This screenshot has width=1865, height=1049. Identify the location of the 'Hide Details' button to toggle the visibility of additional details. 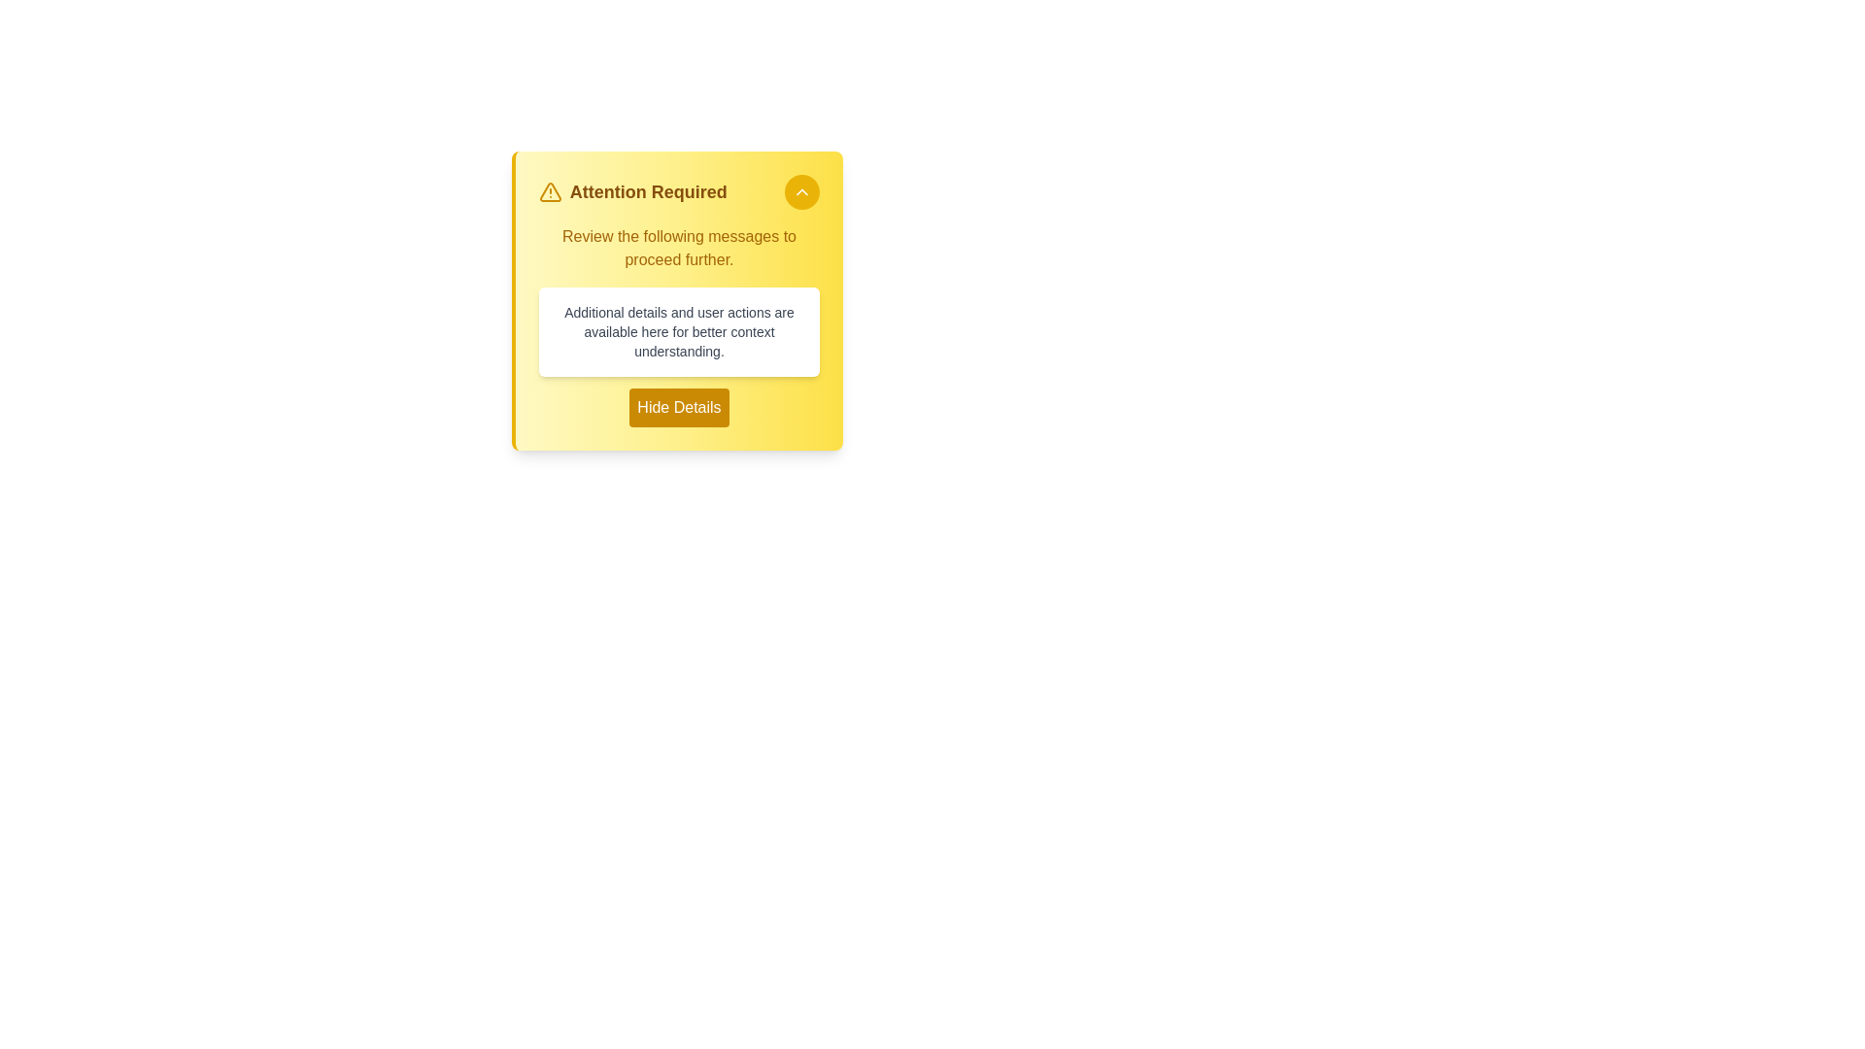
(679, 407).